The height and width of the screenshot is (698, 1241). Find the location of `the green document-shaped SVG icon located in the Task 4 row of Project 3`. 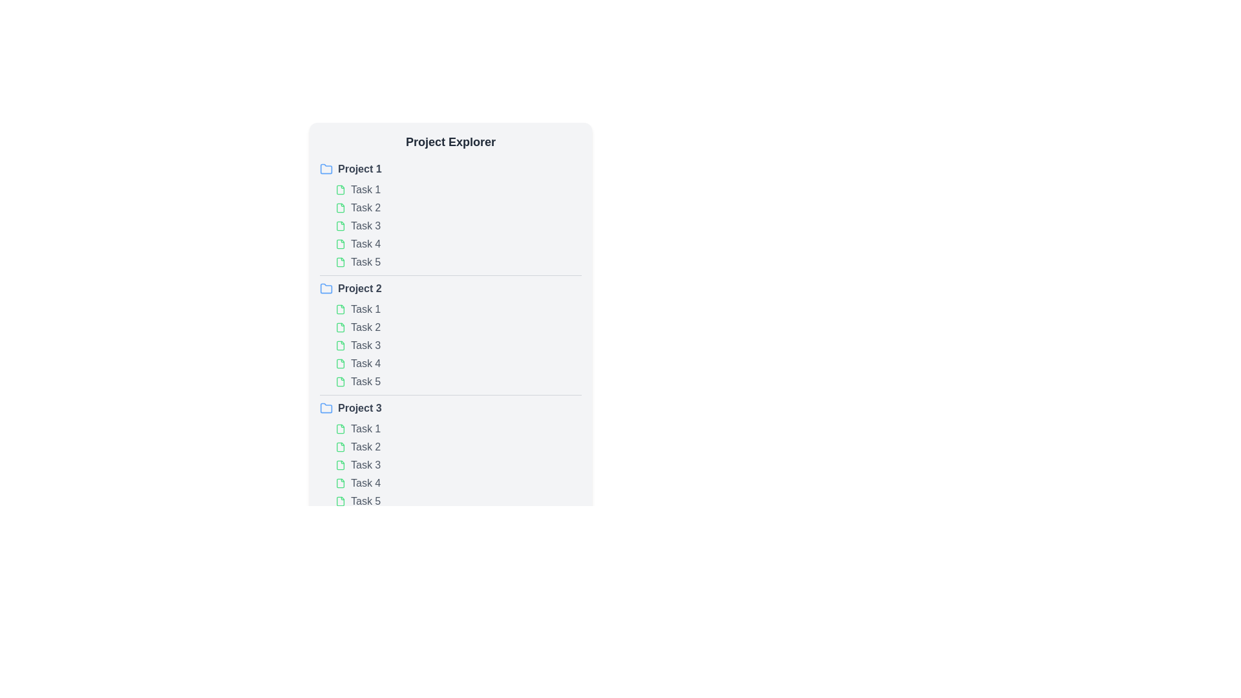

the green document-shaped SVG icon located in the Task 4 row of Project 3 is located at coordinates (341, 483).